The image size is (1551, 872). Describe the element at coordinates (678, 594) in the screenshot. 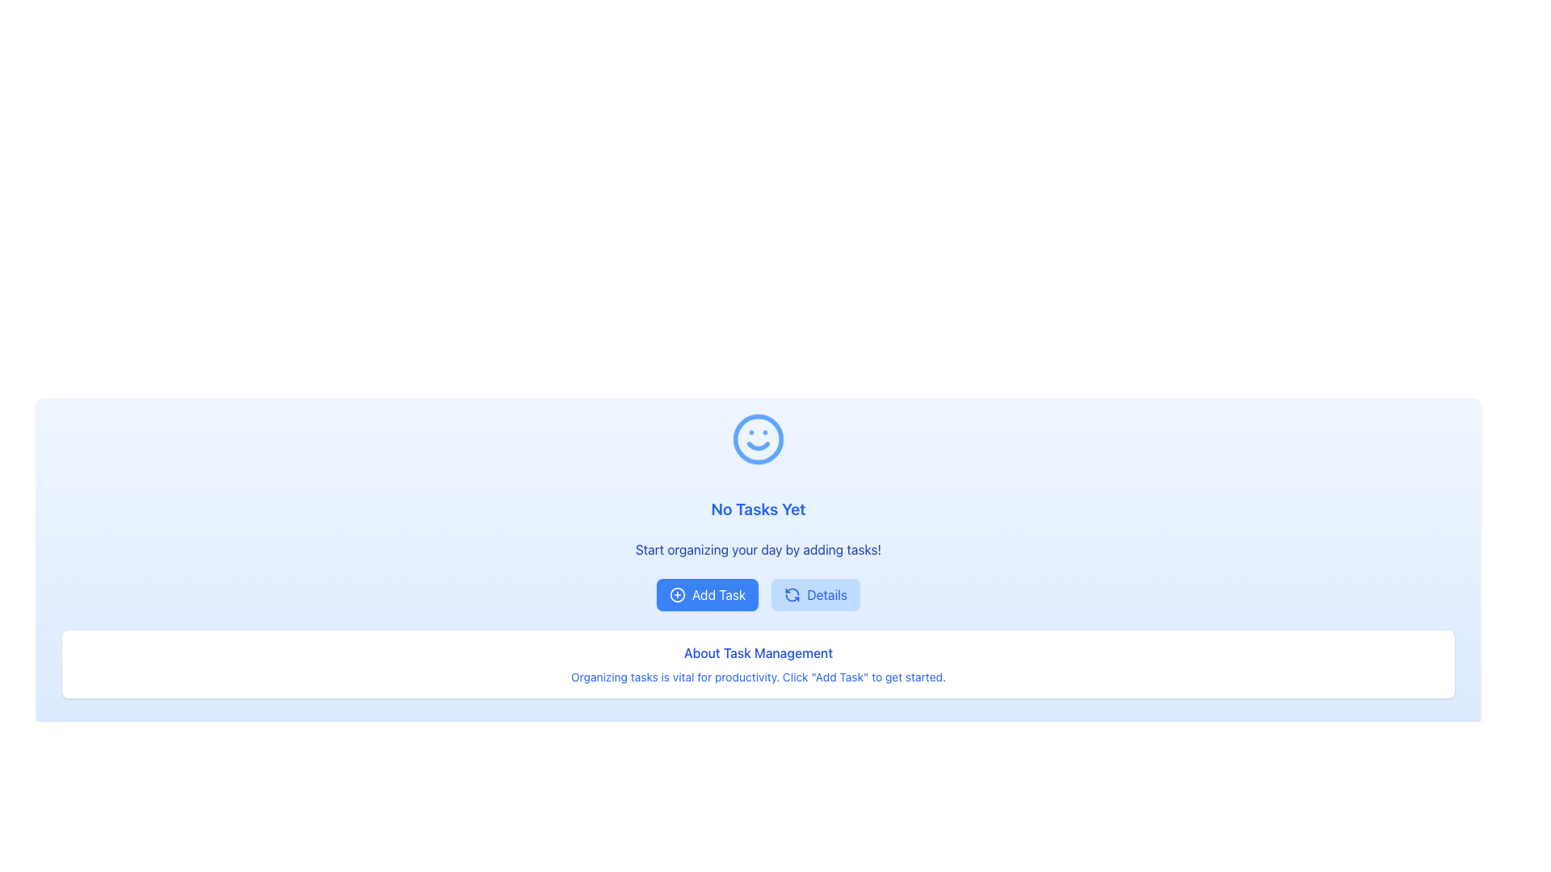

I see `the outer circular part of the plus icon that serves as the 'Add Task' button located at the center bottom area of the main content section` at that location.